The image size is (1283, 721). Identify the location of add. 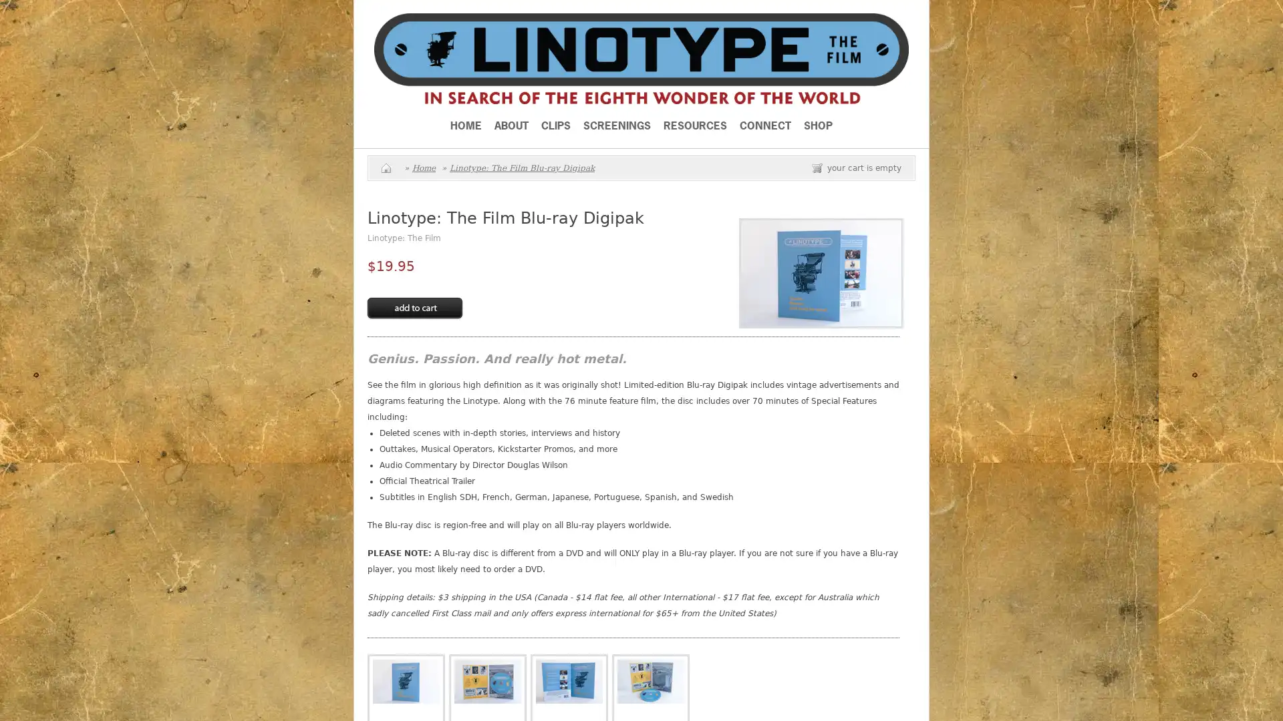
(414, 308).